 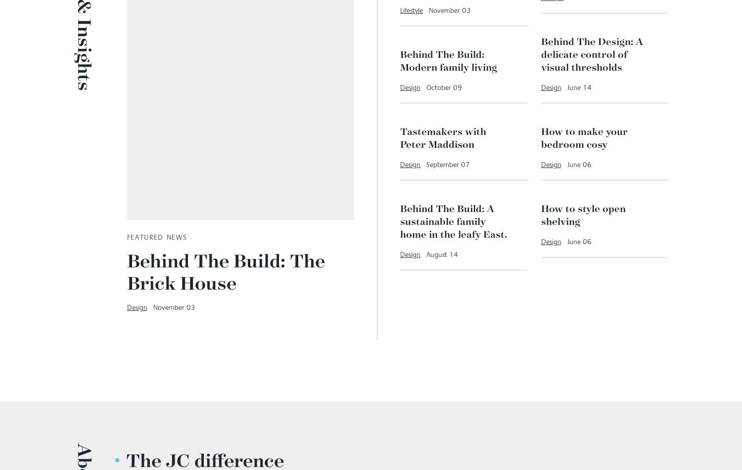 I want to click on 'Behind The Design: A delicate control of visual thresholds', so click(x=591, y=180).